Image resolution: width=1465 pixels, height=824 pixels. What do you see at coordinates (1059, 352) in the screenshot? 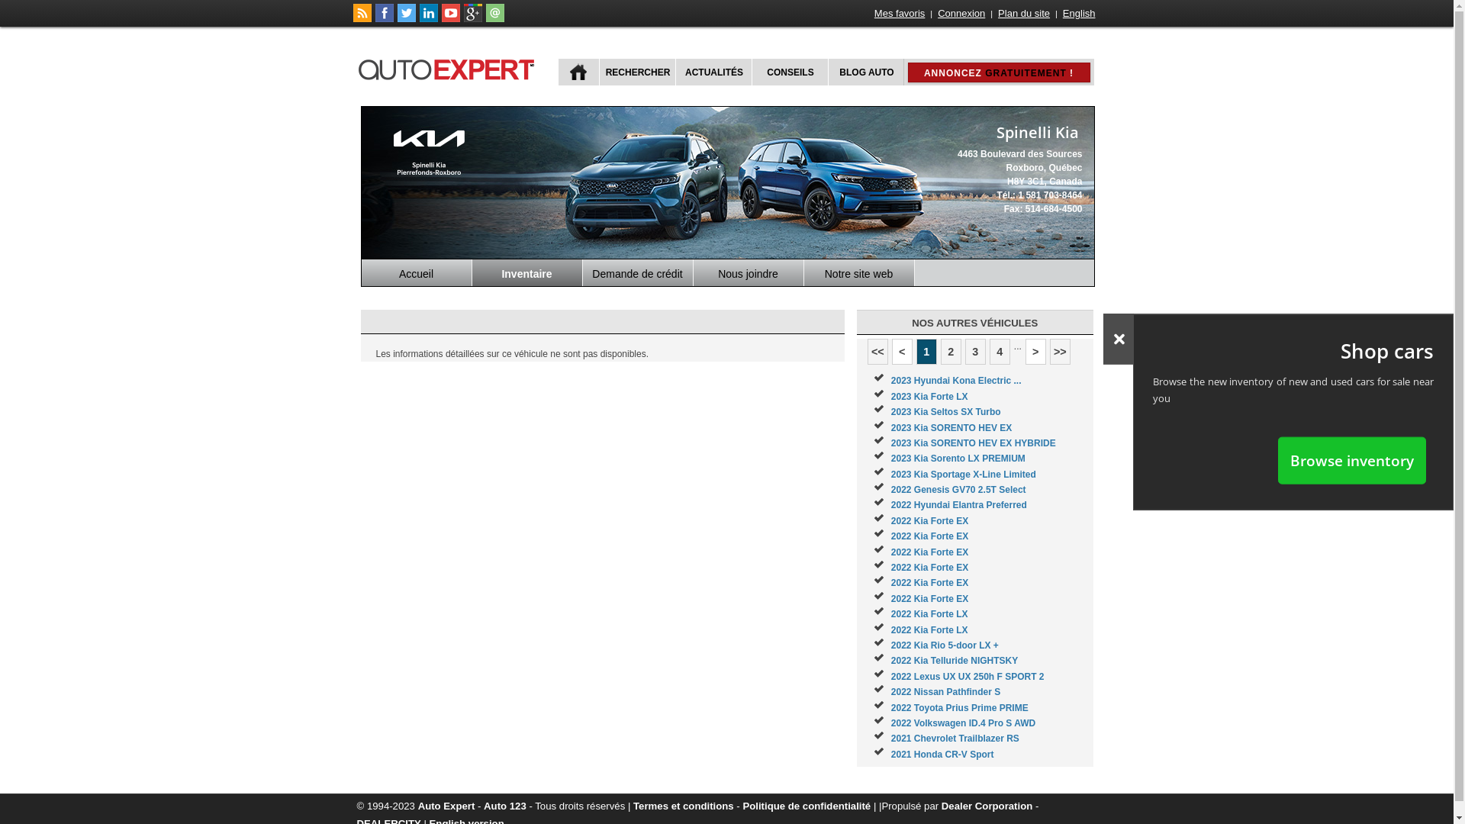
I see `'>>'` at bounding box center [1059, 352].